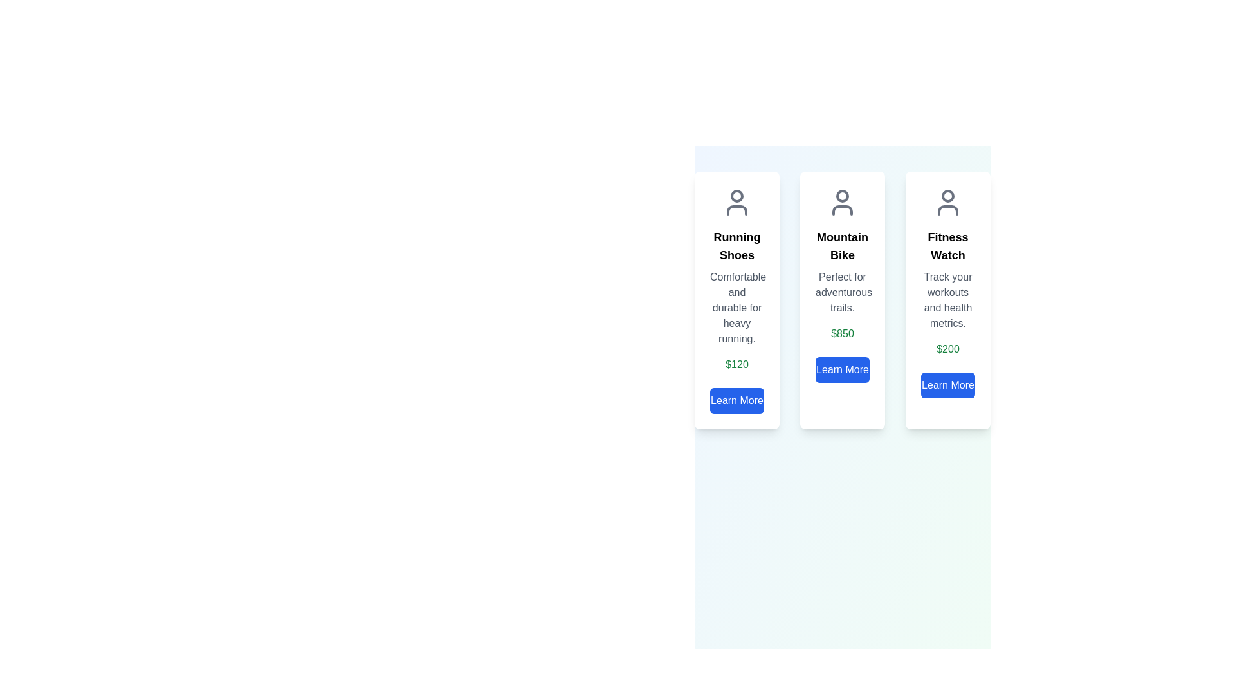 The width and height of the screenshot is (1235, 695). Describe the element at coordinates (737, 246) in the screenshot. I see `the heading text element displaying 'Running Shoes', which is centrally aligned within its product card and located near the top of the card` at that location.